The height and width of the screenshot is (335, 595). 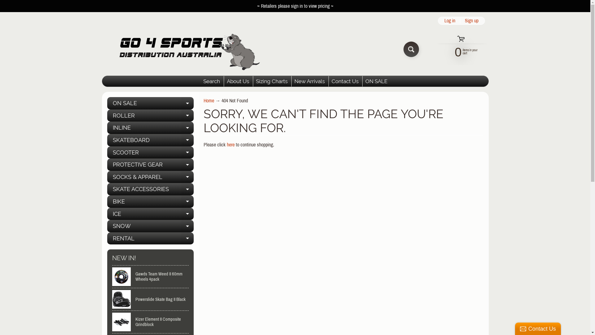 I want to click on 'ON SALE, so click(x=150, y=103).